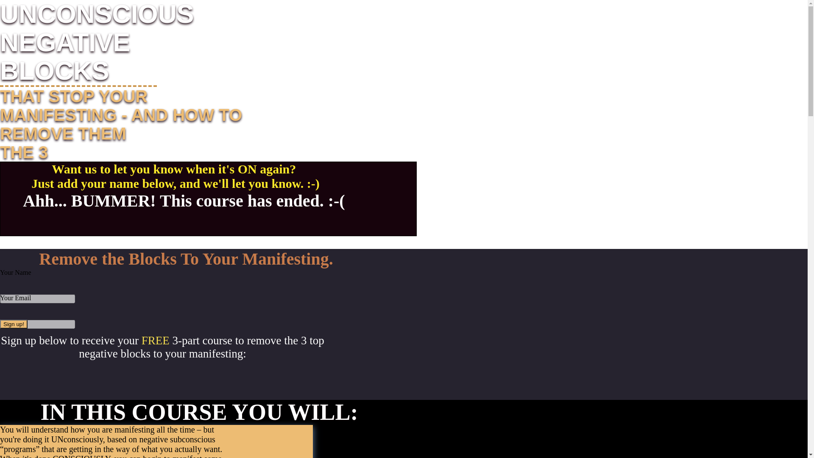  What do you see at coordinates (14, 324) in the screenshot?
I see `'Sign up!'` at bounding box center [14, 324].